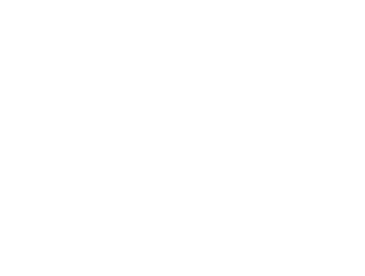 The image size is (365, 276). I want to click on 'More Books', so click(247, 9).